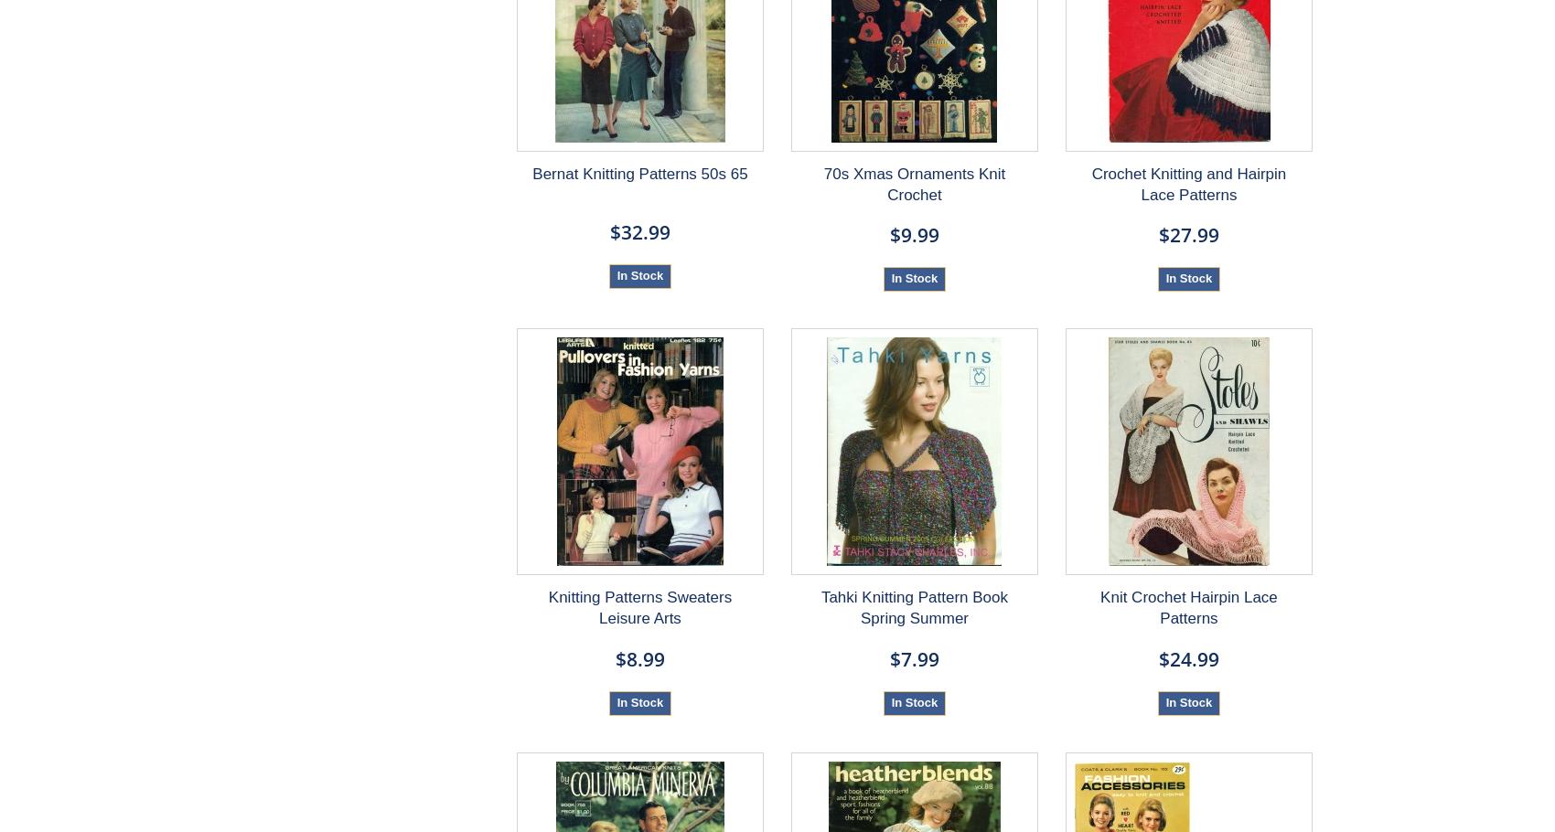 The width and height of the screenshot is (1555, 832). Describe the element at coordinates (639, 231) in the screenshot. I see `'$32.99'` at that location.